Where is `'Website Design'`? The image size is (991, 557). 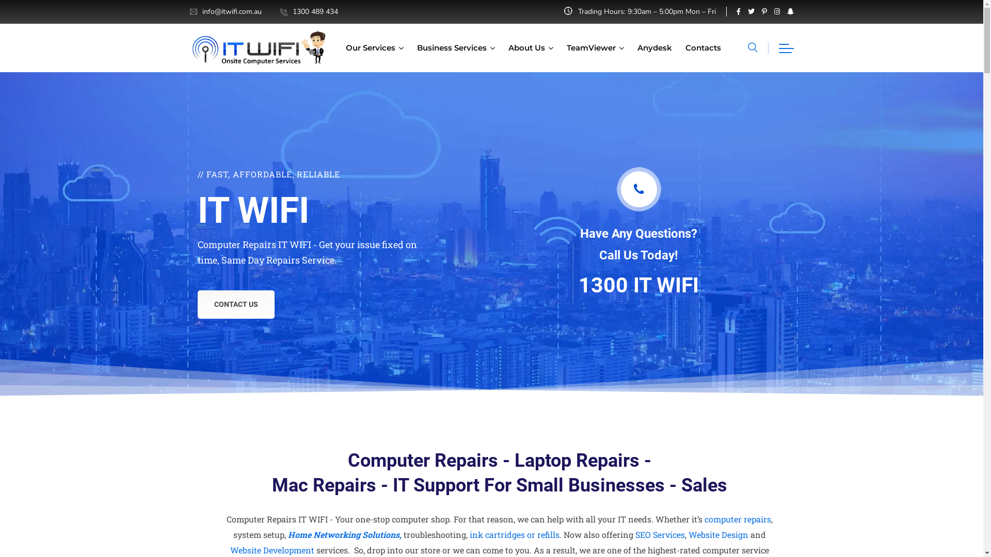
'Website Design' is located at coordinates (718, 534).